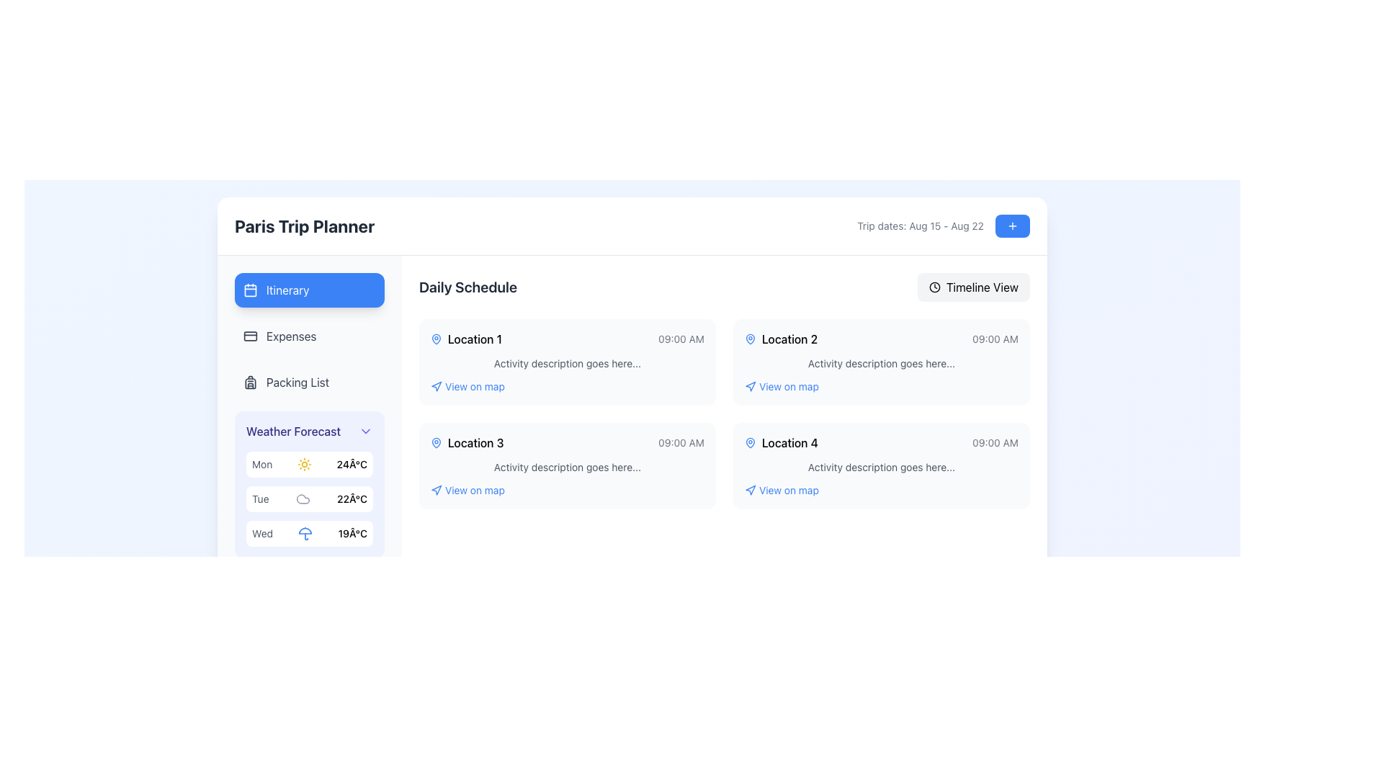  Describe the element at coordinates (881, 363) in the screenshot. I see `the text element displaying 'Activity description goes here...' located in the 'Daily Schedule' section, below '09:00 AM' and above 'View on map'` at that location.